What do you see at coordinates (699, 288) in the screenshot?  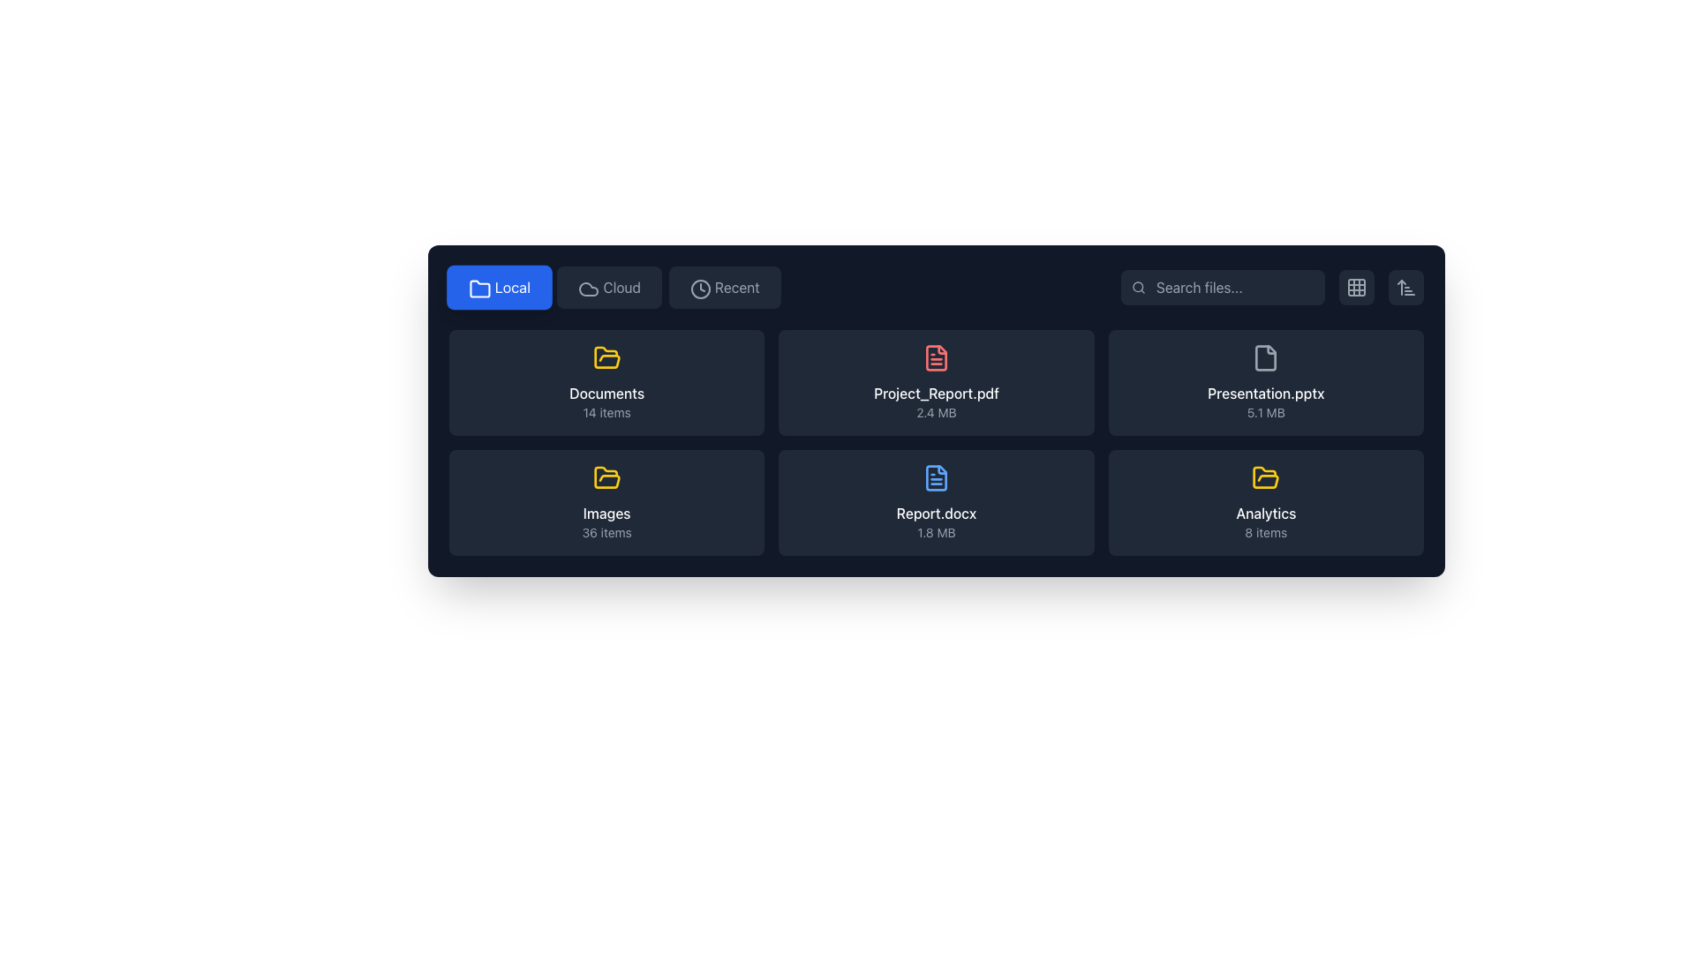 I see `the clock-shaped icon button located in the navigation bar to the immediate left of the 'Recent' label` at bounding box center [699, 288].